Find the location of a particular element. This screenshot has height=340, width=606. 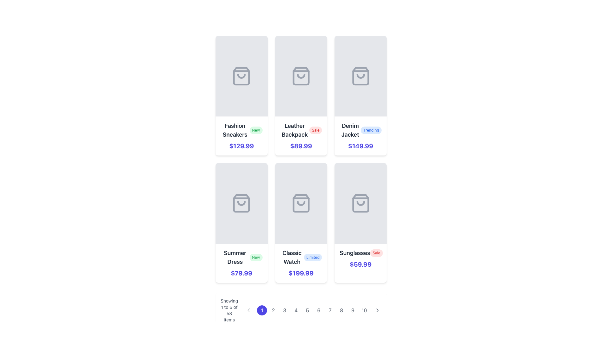

text content of the label displaying 'Summer Dress' with the badge 'New' in a light green background, located on the bottom left part of the card adjacent to the price '$79.99' is located at coordinates (241, 257).